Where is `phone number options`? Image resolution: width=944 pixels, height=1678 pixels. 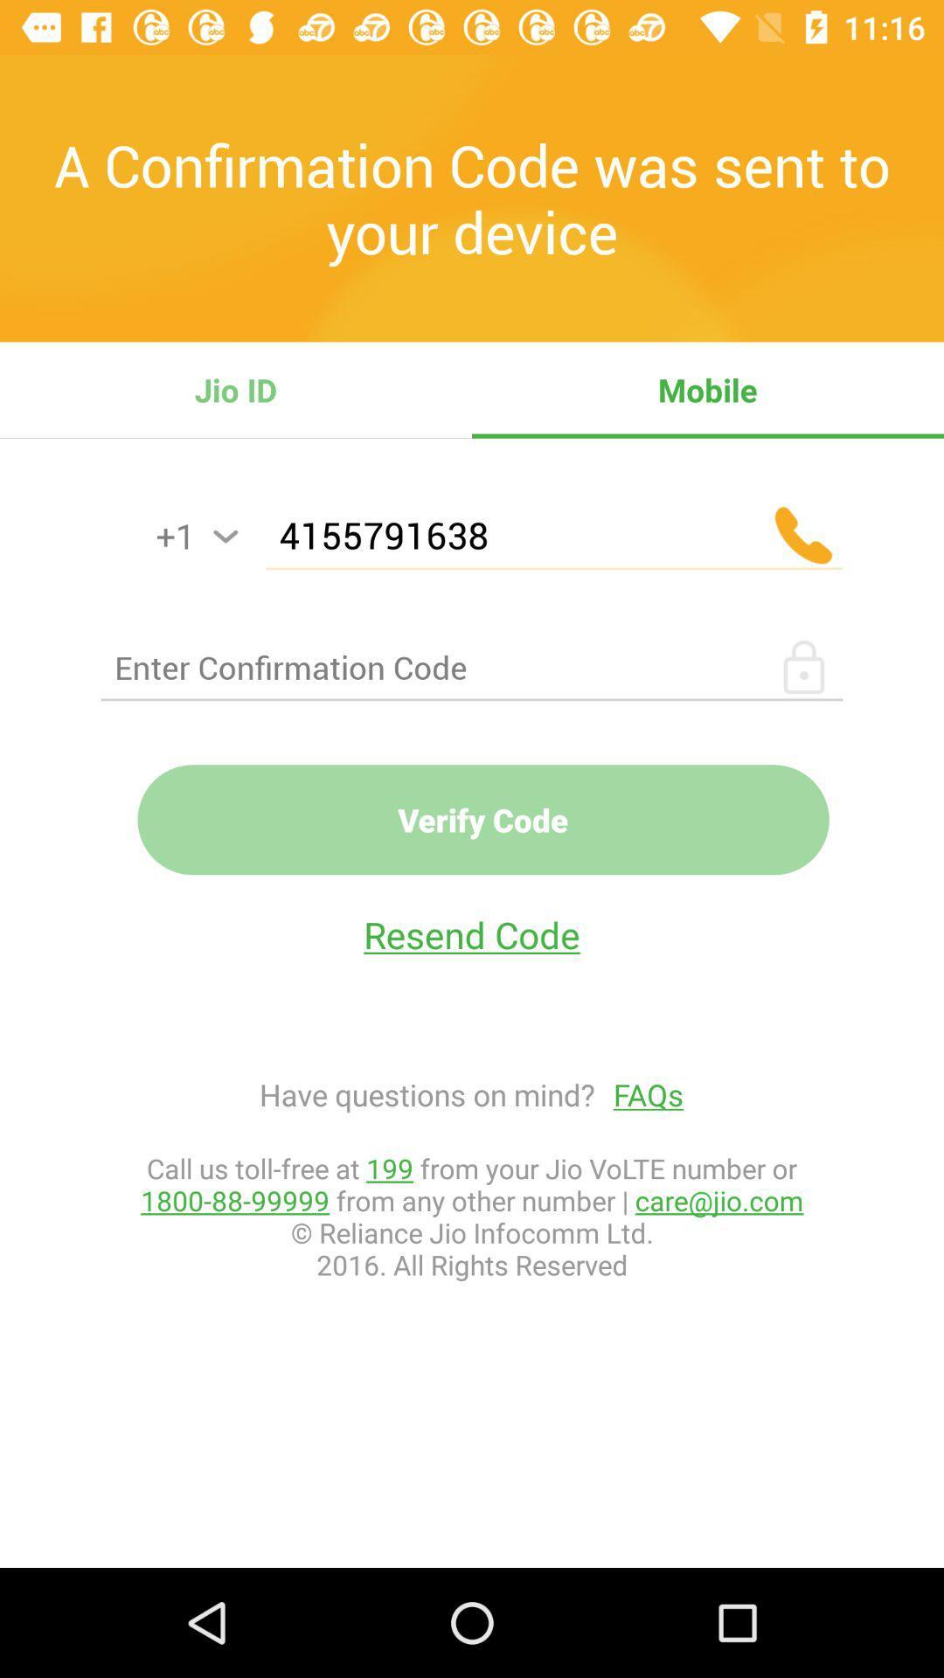 phone number options is located at coordinates (225, 536).